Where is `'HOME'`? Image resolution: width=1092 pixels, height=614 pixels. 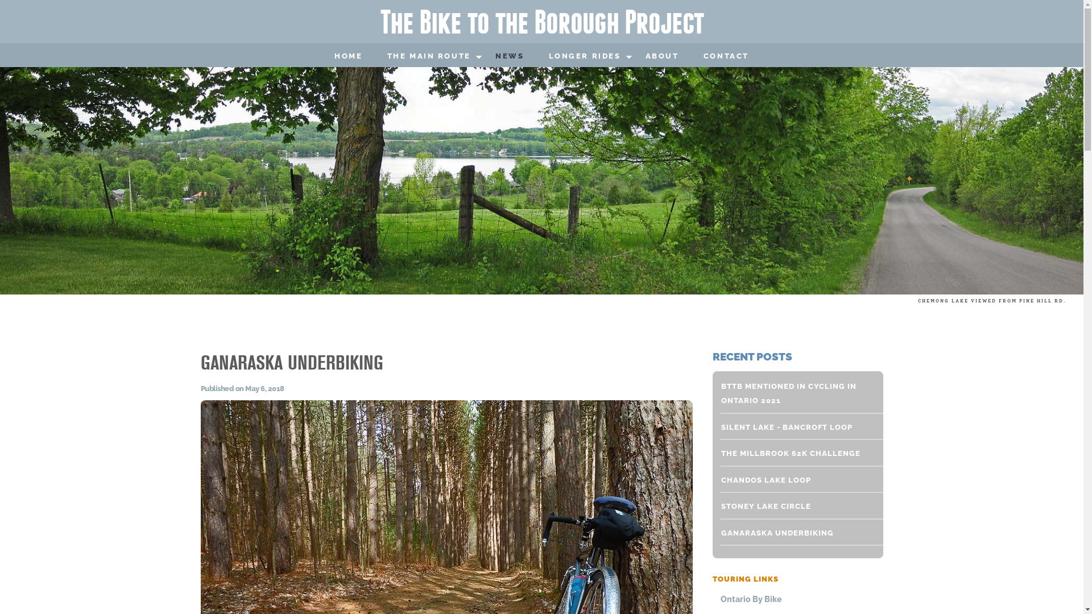
'HOME' is located at coordinates (348, 56).